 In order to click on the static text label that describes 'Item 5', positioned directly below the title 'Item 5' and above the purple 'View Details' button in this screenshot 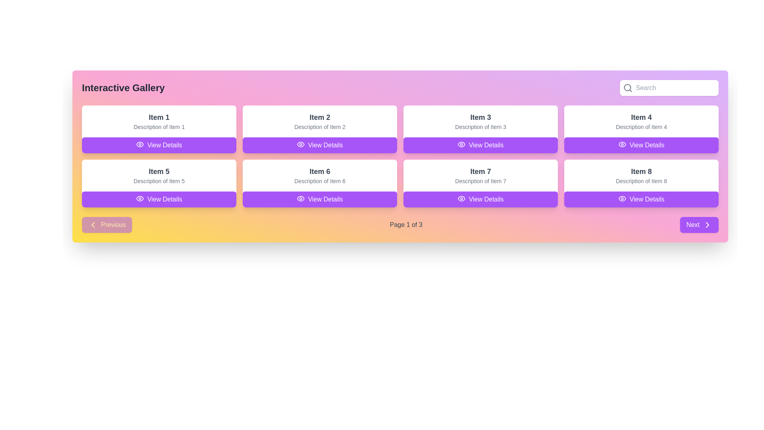, I will do `click(159, 181)`.